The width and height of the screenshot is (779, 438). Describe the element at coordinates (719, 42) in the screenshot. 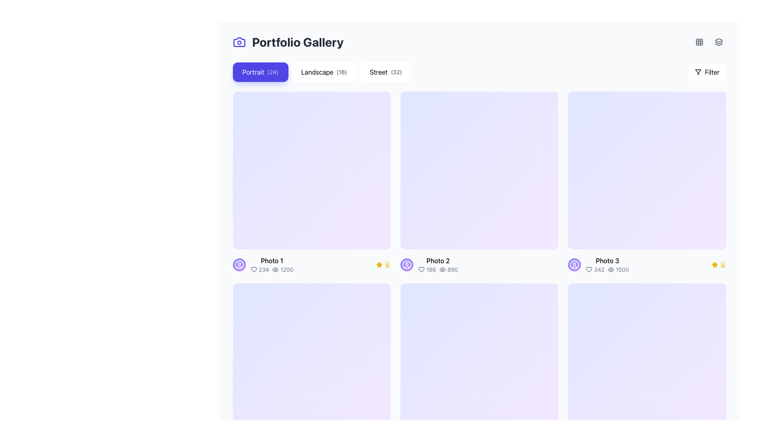

I see `the icon consisting of three stacked layers, rendered in solid lines, located at the top-right corner of the interface` at that location.